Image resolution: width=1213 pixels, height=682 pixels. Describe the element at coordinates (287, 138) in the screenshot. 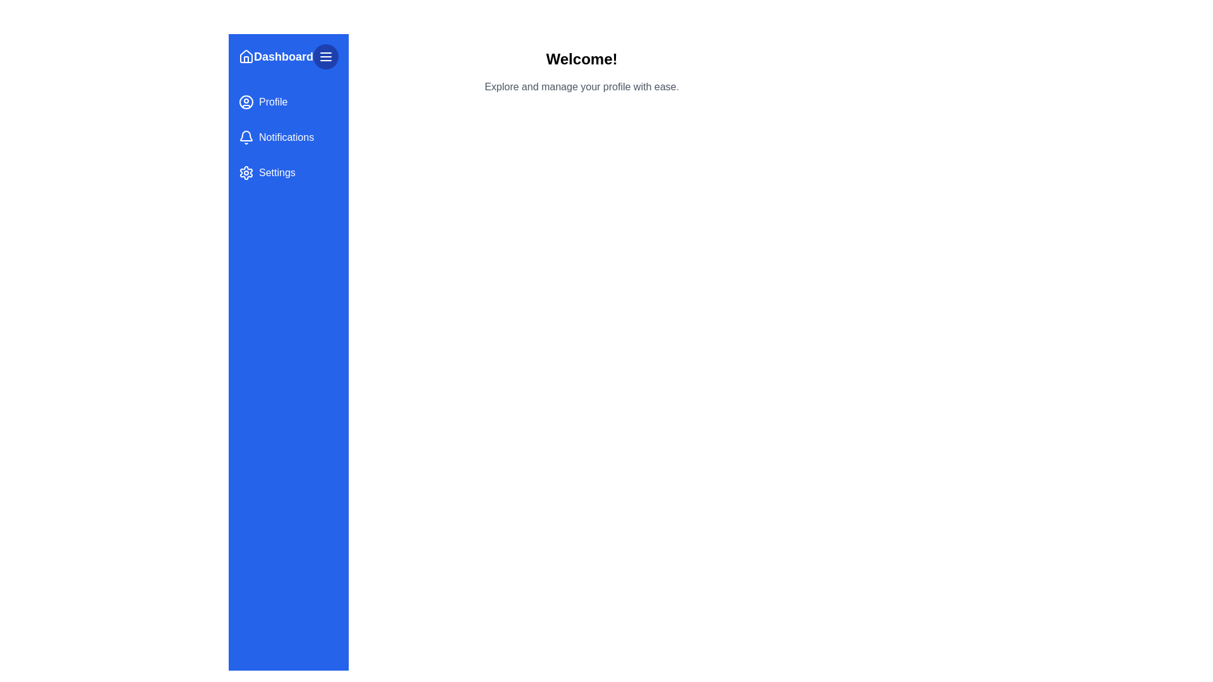

I see `the Notifications menu item located in the middle section of the vertical menu on the left side of the interface, positioned below the 'Profile' menu item and above the 'Settings' menu item` at that location.